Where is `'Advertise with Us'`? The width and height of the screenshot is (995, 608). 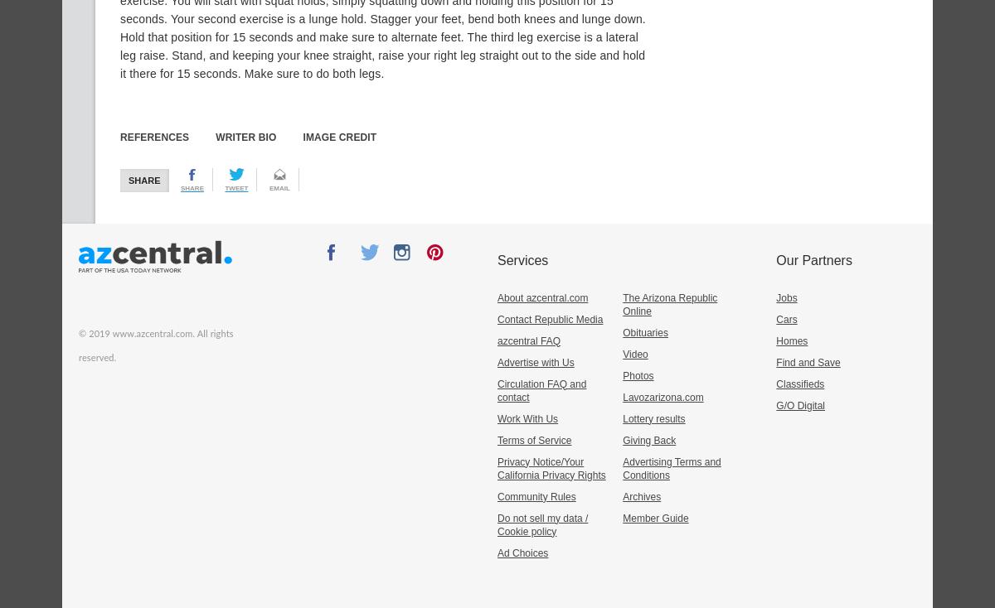 'Advertise with Us' is located at coordinates (535, 362).